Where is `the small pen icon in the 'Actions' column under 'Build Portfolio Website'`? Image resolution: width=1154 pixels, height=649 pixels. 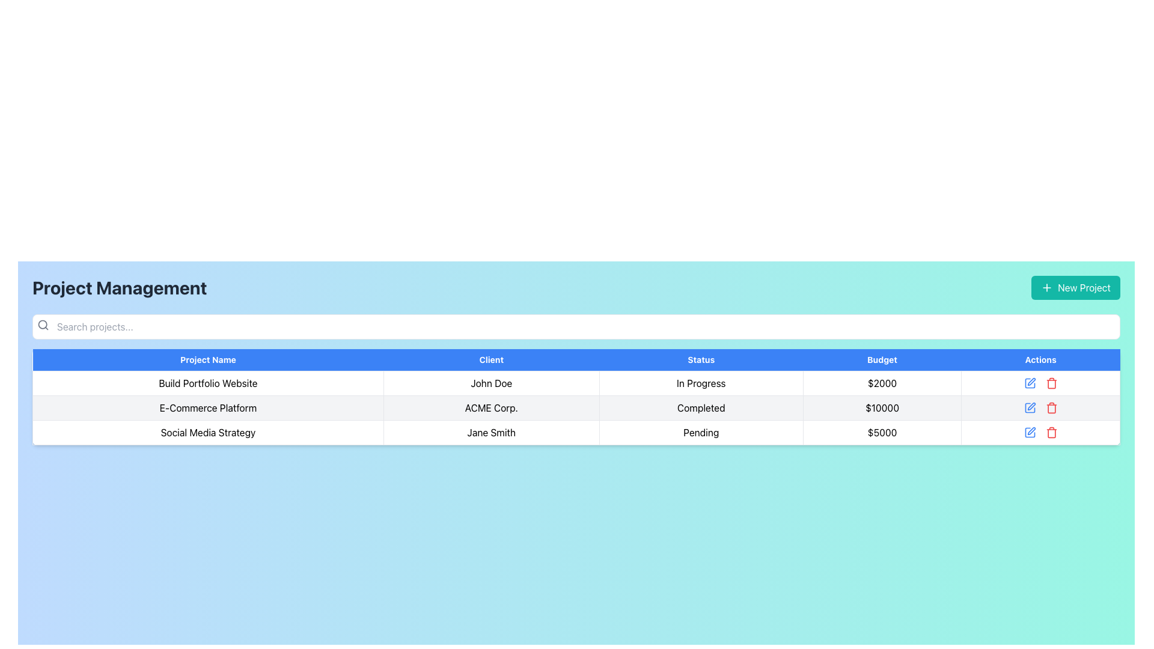 the small pen icon in the 'Actions' column under 'Build Portfolio Website' is located at coordinates (1031, 382).